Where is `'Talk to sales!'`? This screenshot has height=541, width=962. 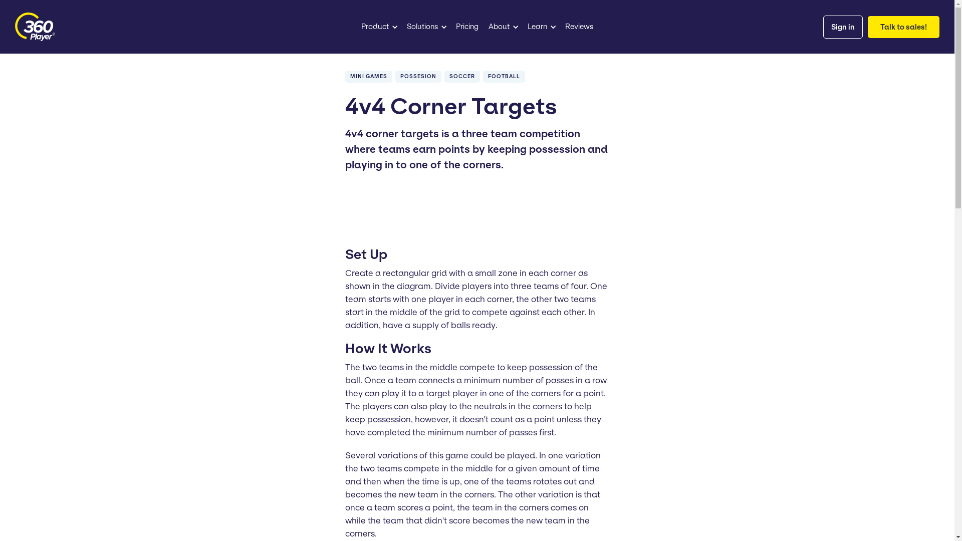
'Talk to sales!' is located at coordinates (903, 27).